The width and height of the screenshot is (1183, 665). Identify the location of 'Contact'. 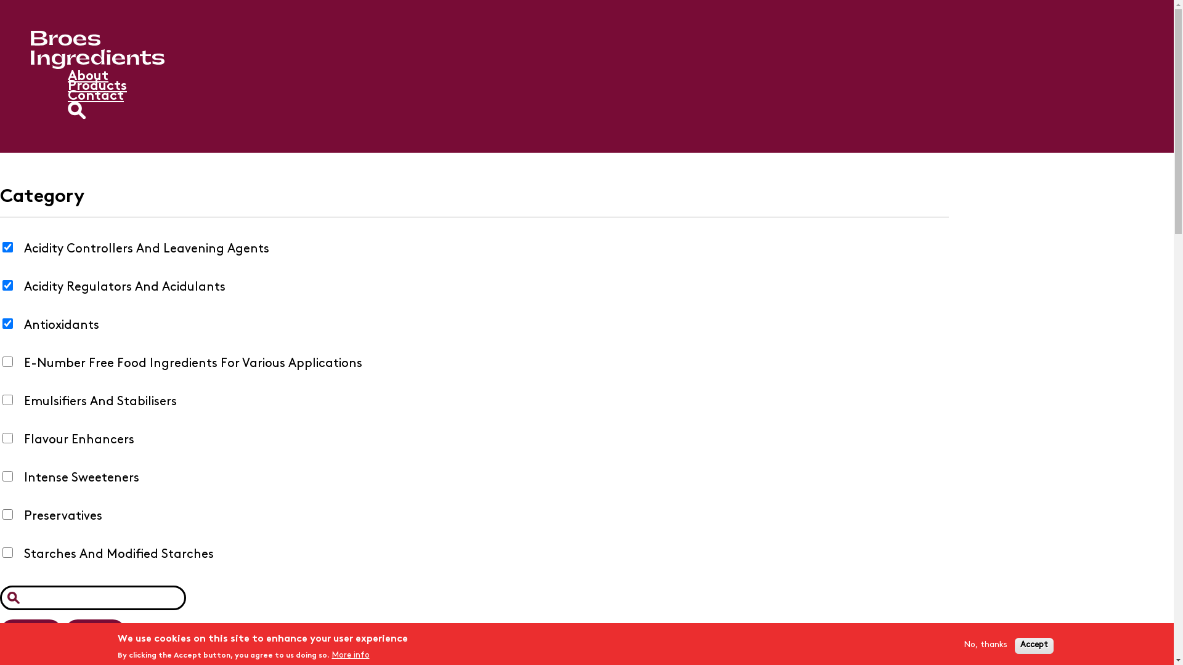
(95, 95).